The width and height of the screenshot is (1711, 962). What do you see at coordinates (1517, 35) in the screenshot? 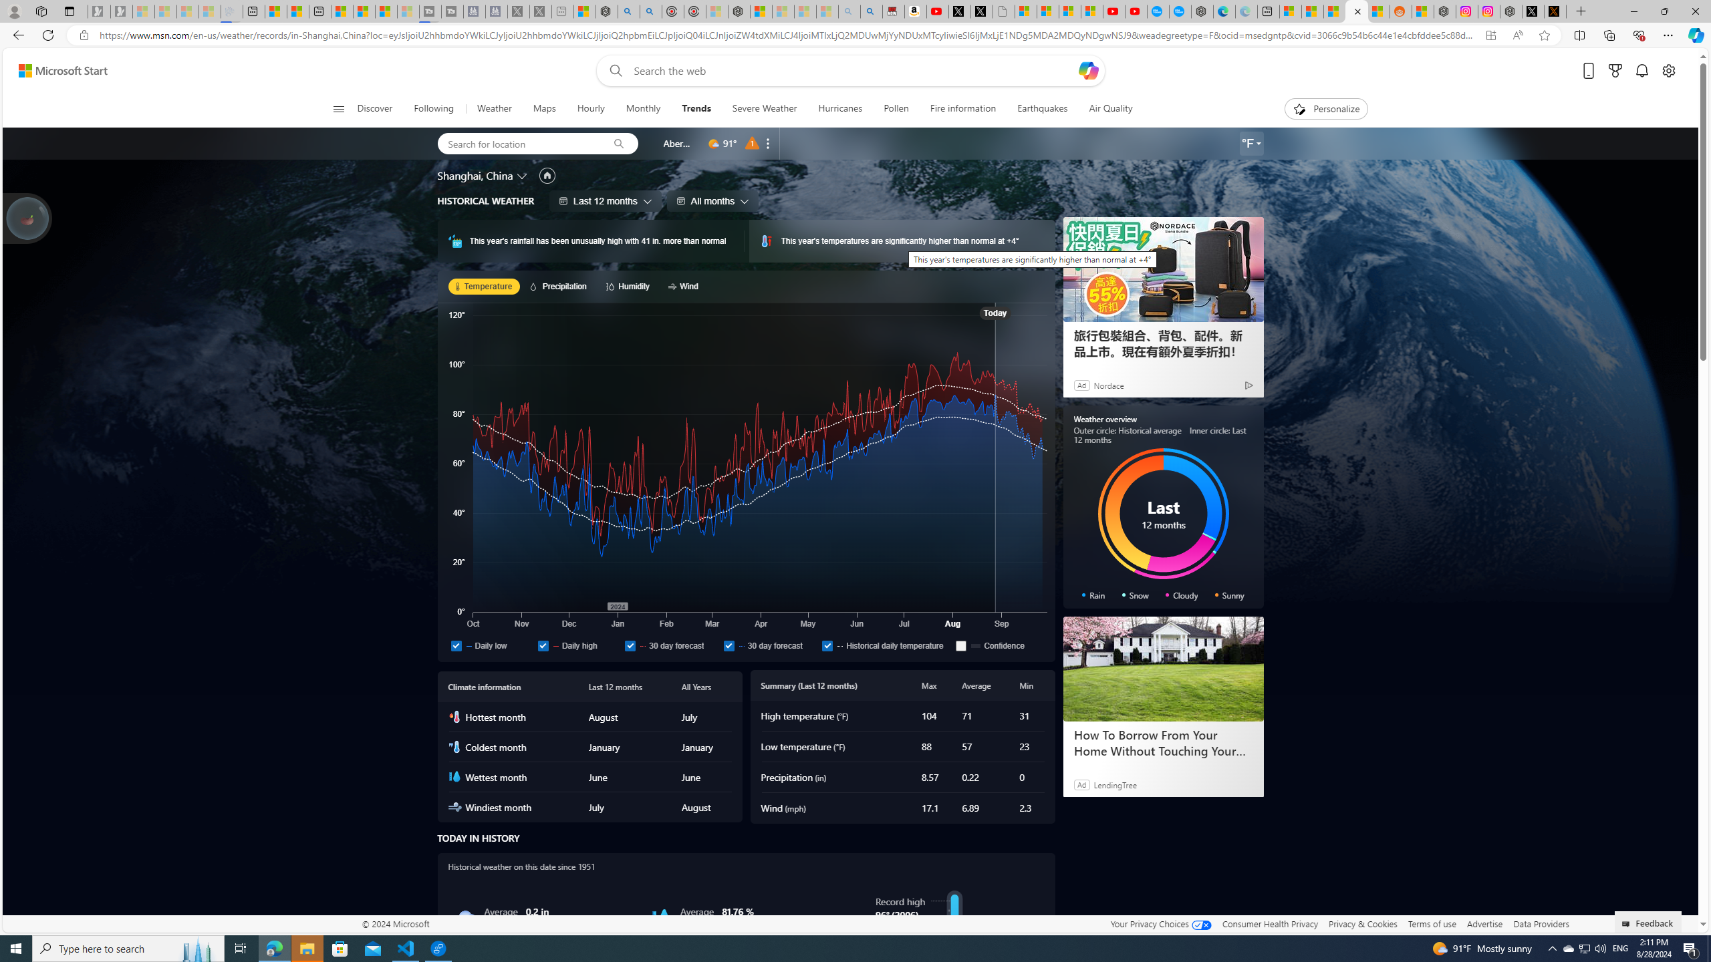
I see `'Read aloud this page (Ctrl+Shift+U)'` at bounding box center [1517, 35].